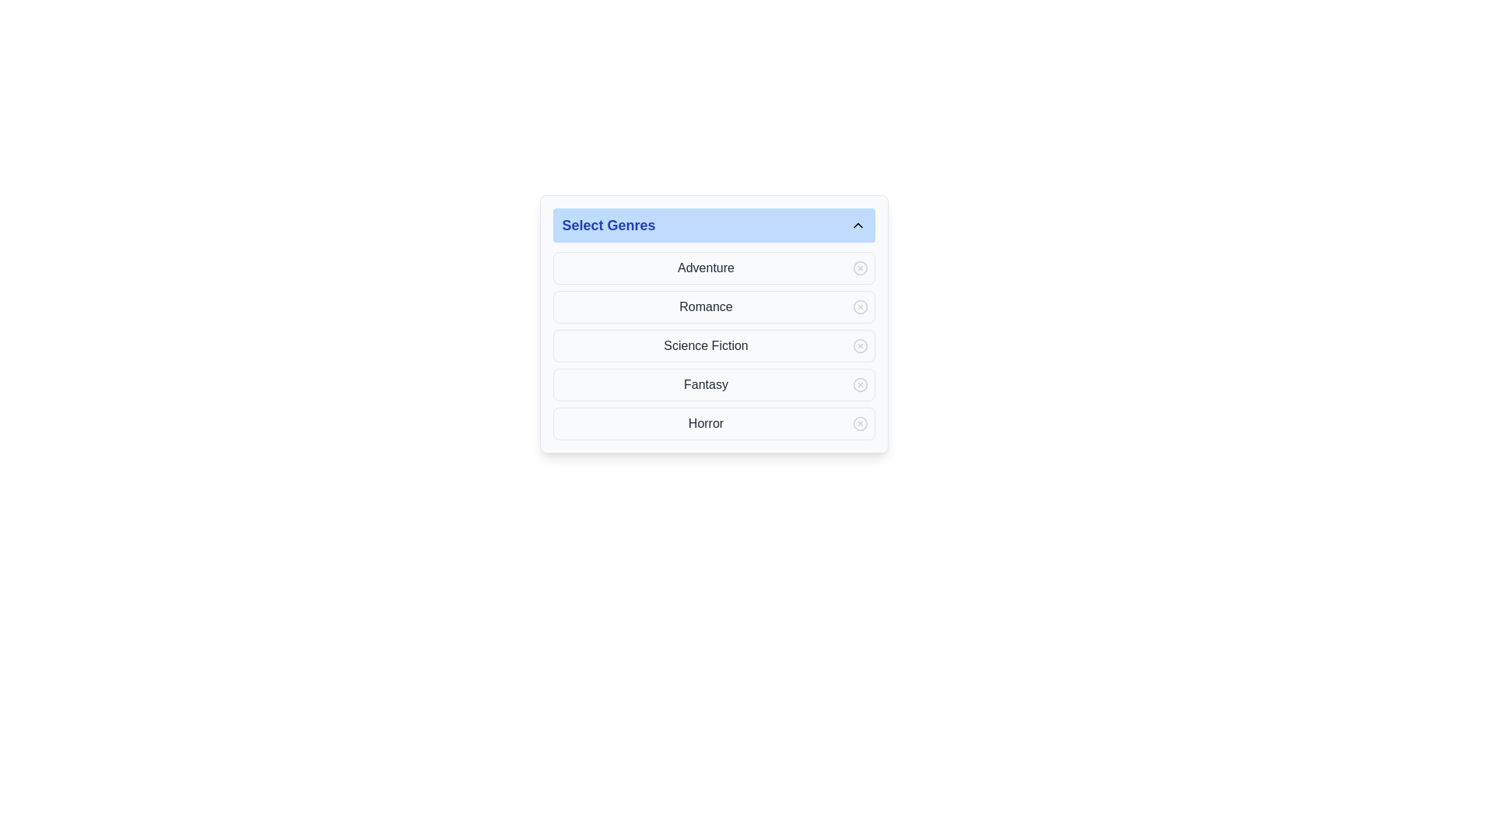 The width and height of the screenshot is (1494, 840). What do you see at coordinates (705, 267) in the screenshot?
I see `text content of the genre 'Adventure' which is the first entry in the selectable list under the heading 'Select Genres.'` at bounding box center [705, 267].